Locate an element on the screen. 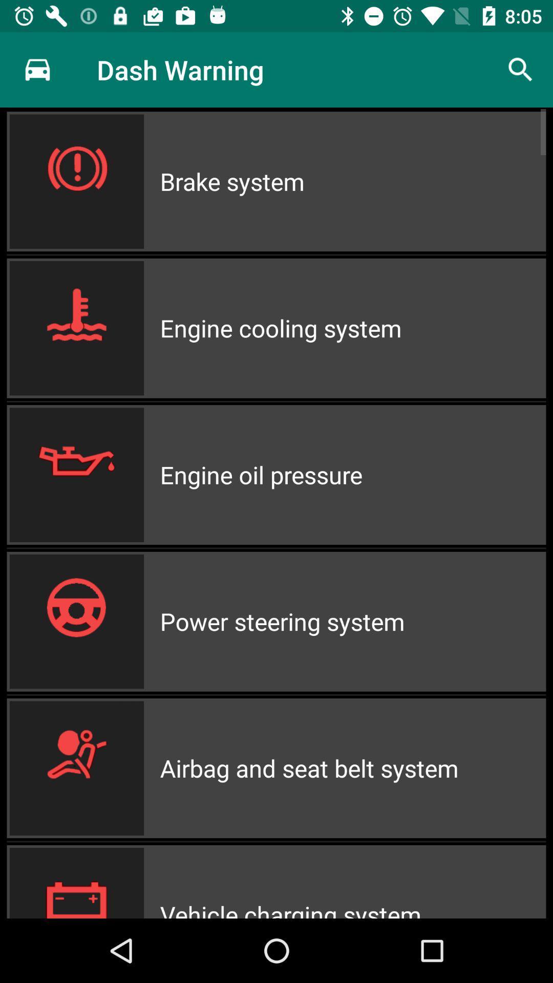 The width and height of the screenshot is (553, 983). the engine cooling system item is located at coordinates (352, 328).